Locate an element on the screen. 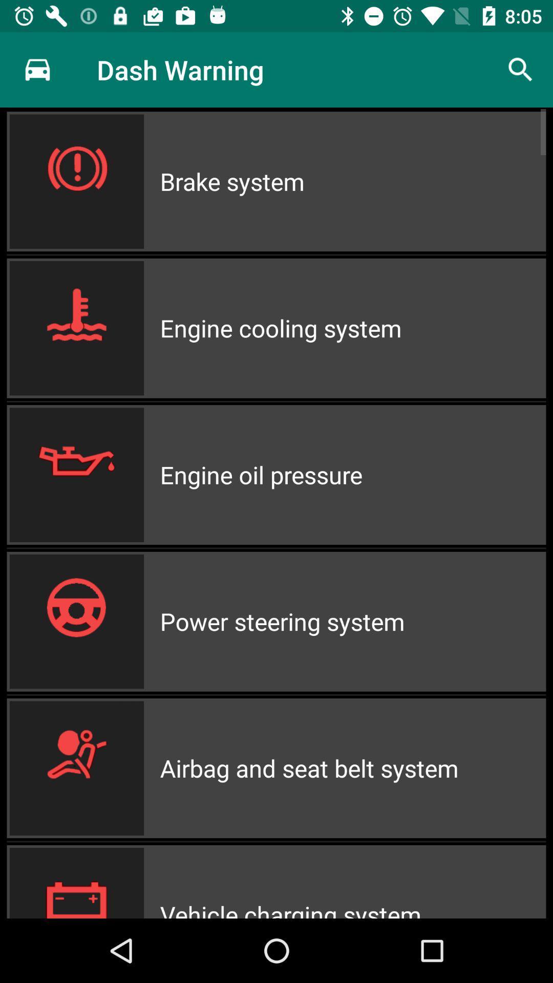 The width and height of the screenshot is (553, 983). the engine cooling system item is located at coordinates (352, 328).